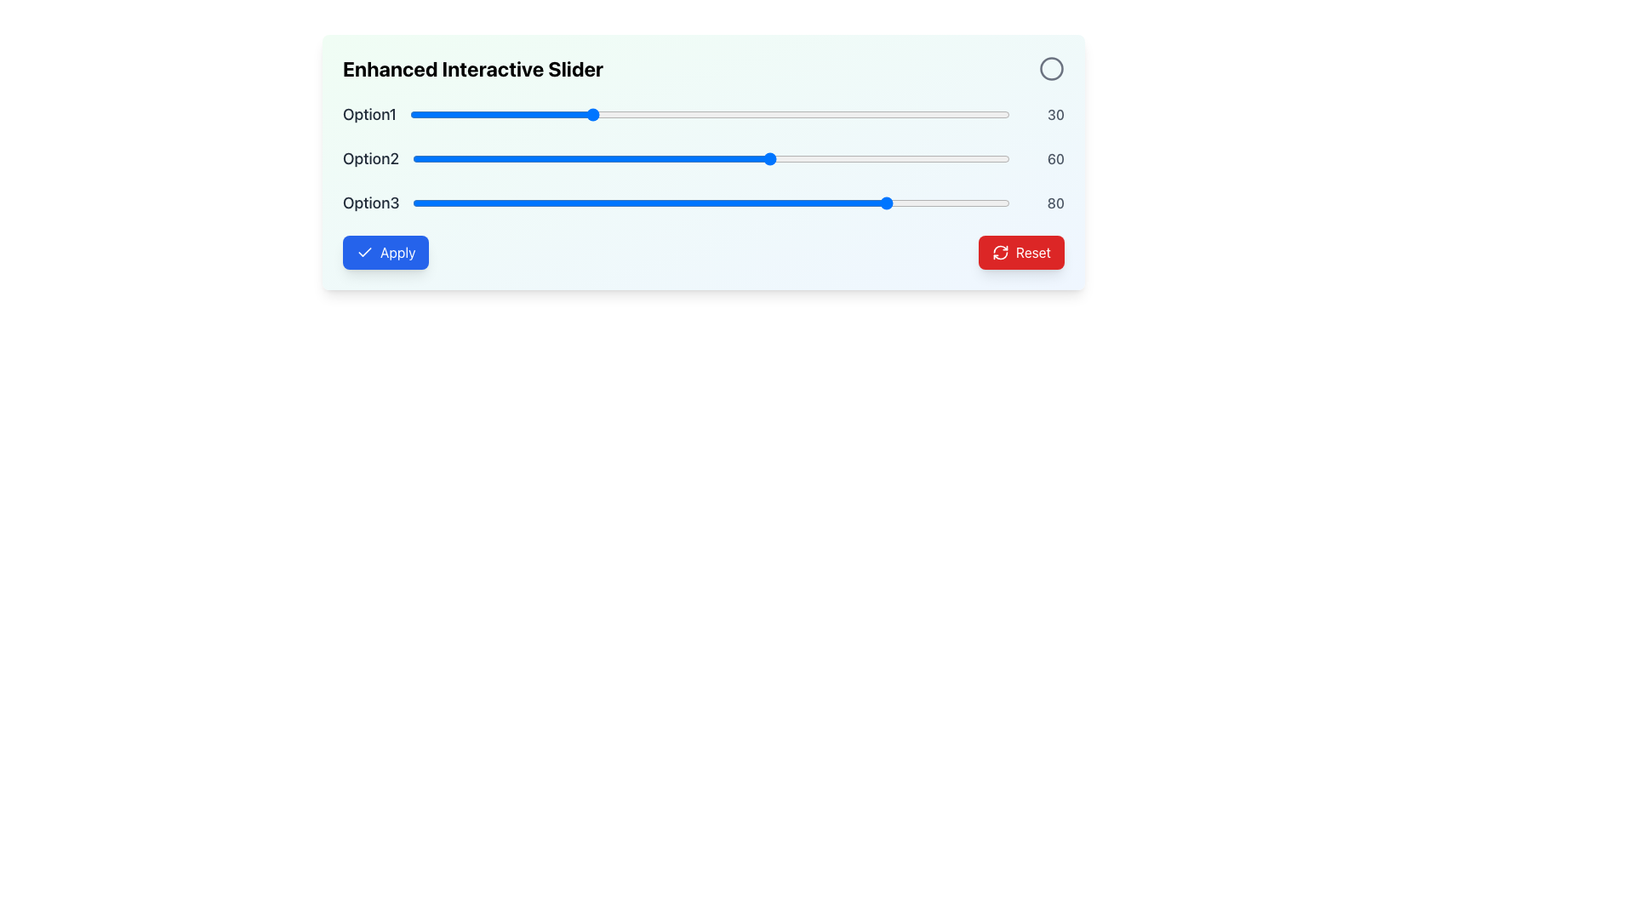  What do you see at coordinates (419, 158) in the screenshot?
I see `slider` at bounding box center [419, 158].